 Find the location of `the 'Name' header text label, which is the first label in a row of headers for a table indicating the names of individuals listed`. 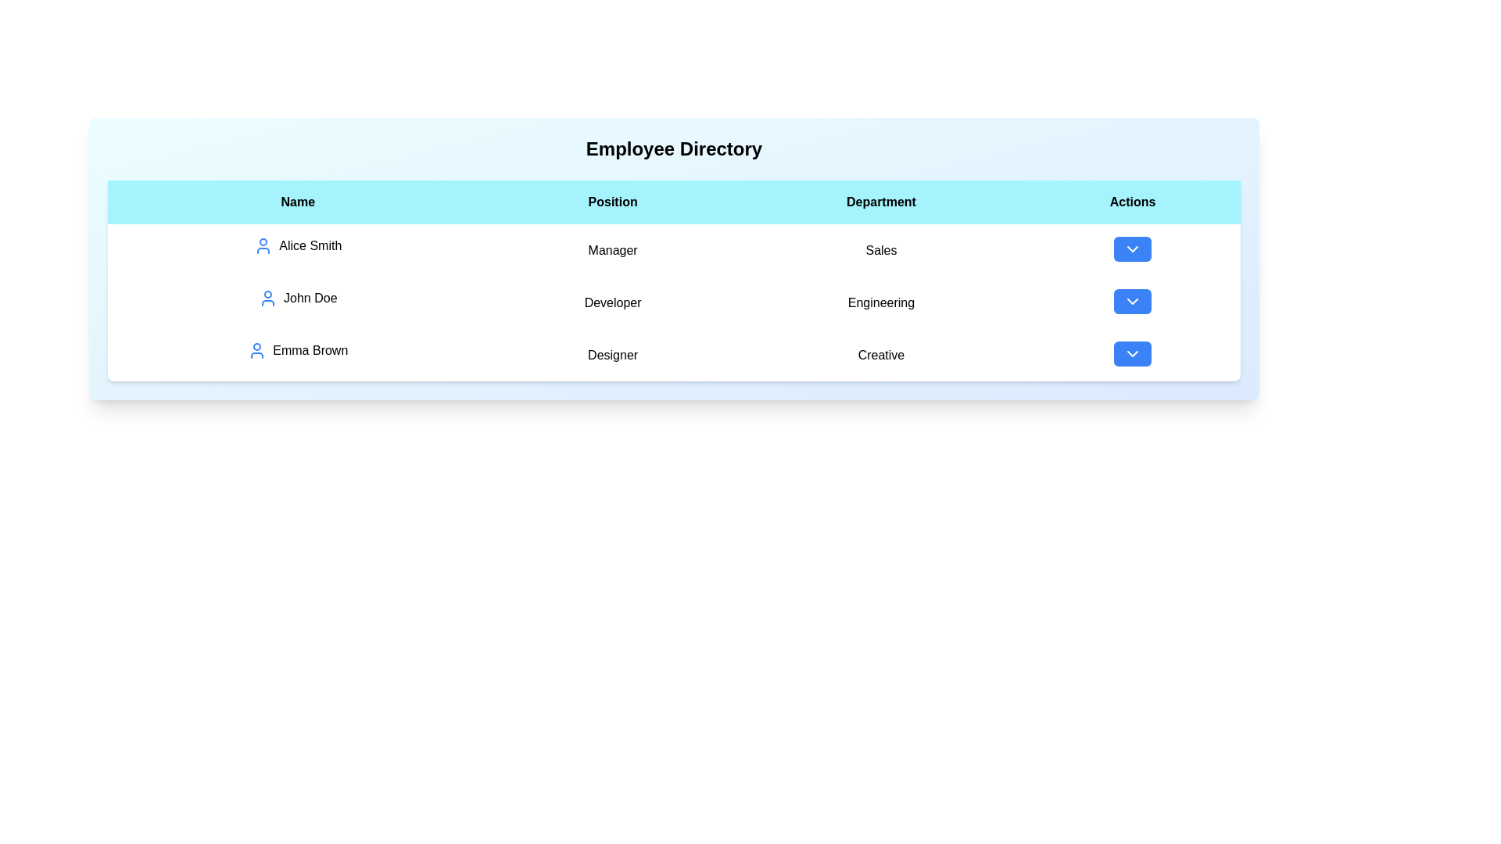

the 'Name' header text label, which is the first label in a row of headers for a table indicating the names of individuals listed is located at coordinates (298, 201).